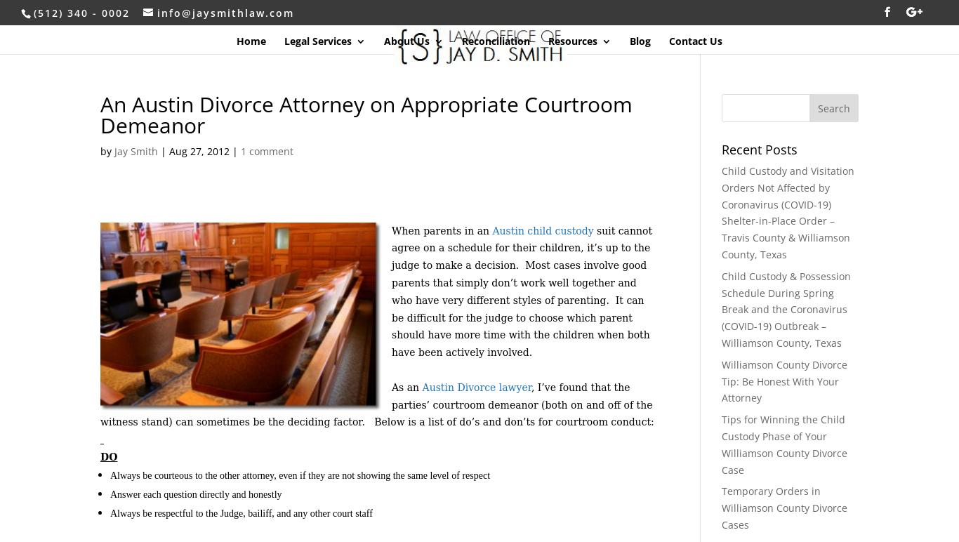 The image size is (959, 542). Describe the element at coordinates (696, 40) in the screenshot. I see `'Contact Us'` at that location.